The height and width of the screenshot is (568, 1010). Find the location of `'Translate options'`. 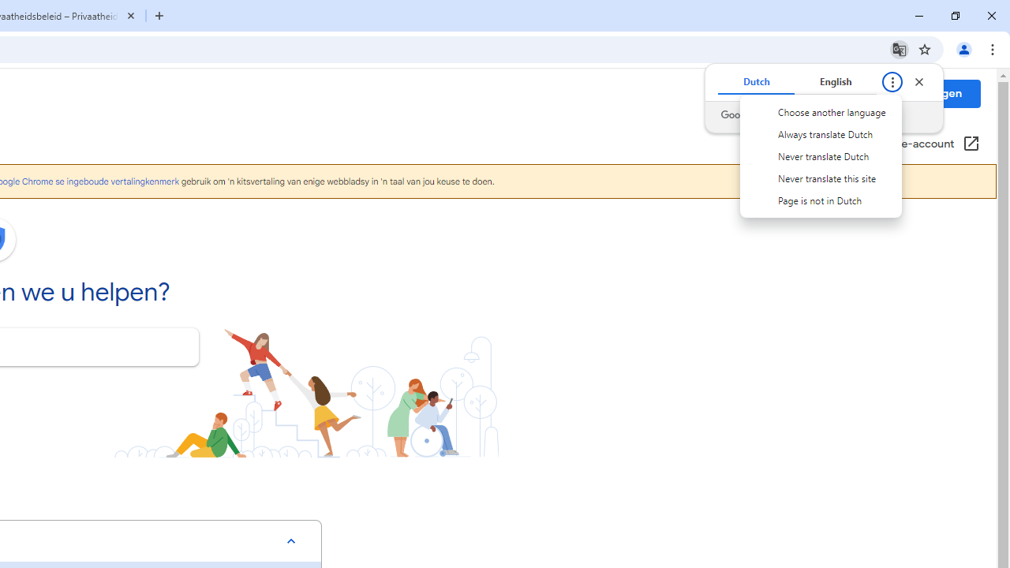

'Translate options' is located at coordinates (892, 82).